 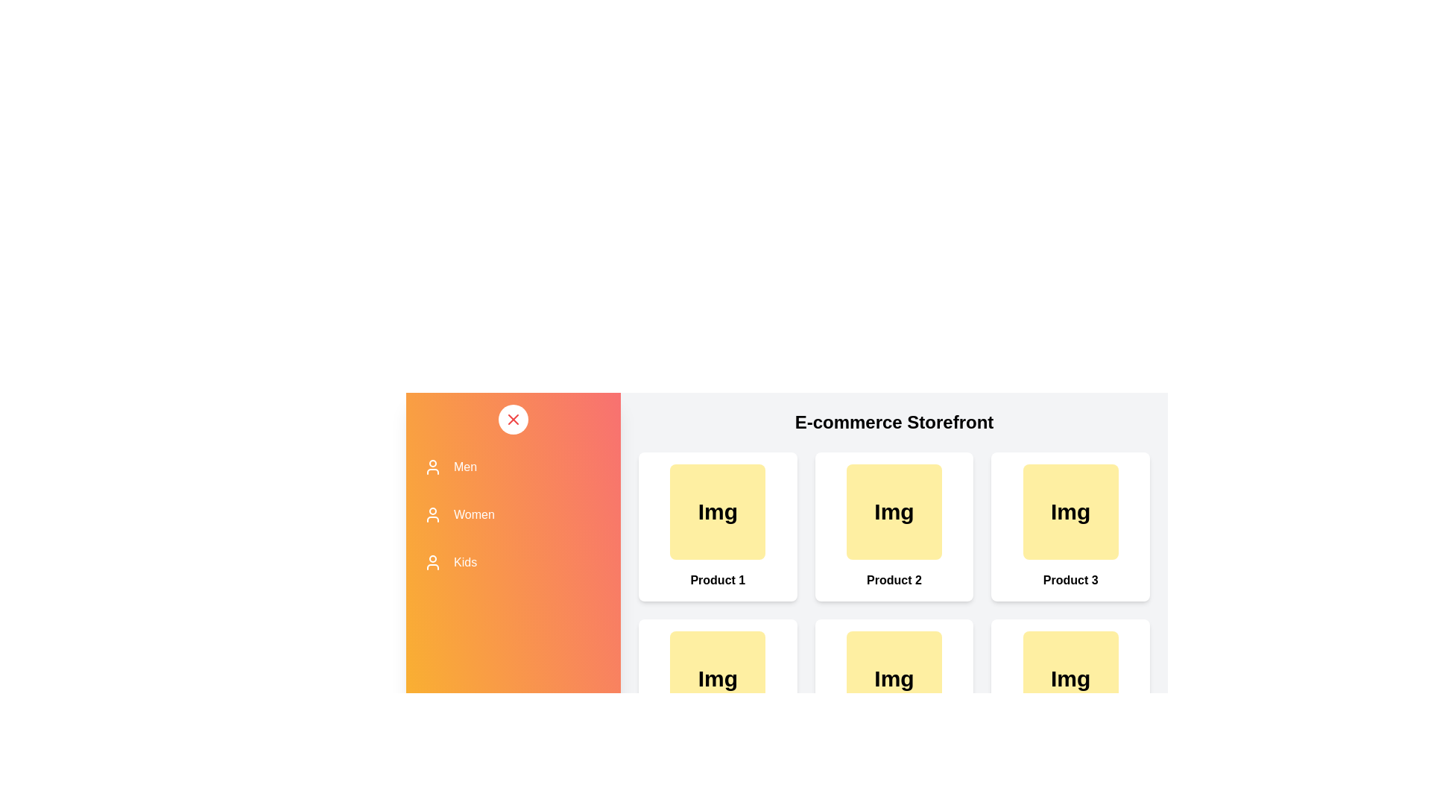 I want to click on the category Men to observe its hover effect, so click(x=514, y=467).